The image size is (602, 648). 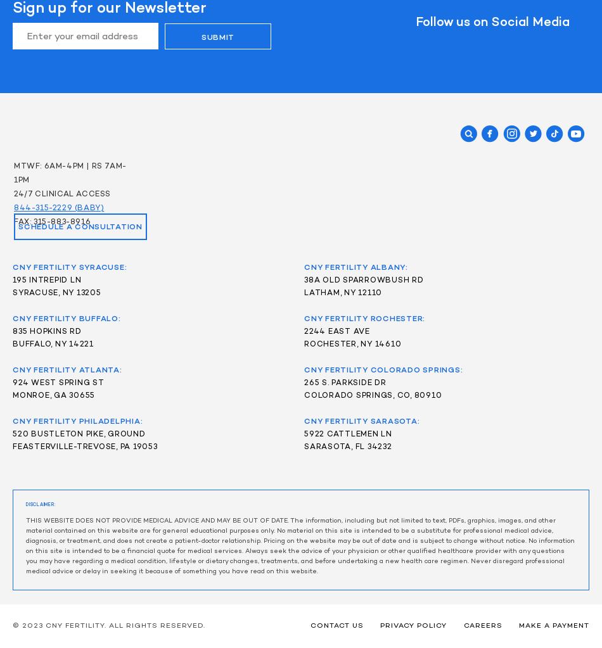 I want to click on 'DISCLAIMER:', so click(x=41, y=505).